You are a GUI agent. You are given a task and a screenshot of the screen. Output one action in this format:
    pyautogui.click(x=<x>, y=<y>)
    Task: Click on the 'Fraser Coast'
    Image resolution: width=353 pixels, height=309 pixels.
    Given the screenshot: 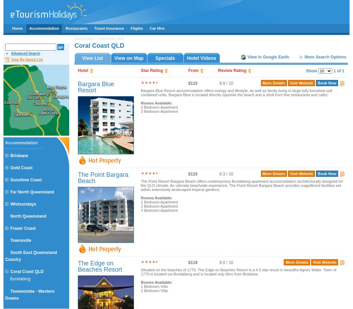 What is the action you would take?
    pyautogui.click(x=23, y=228)
    